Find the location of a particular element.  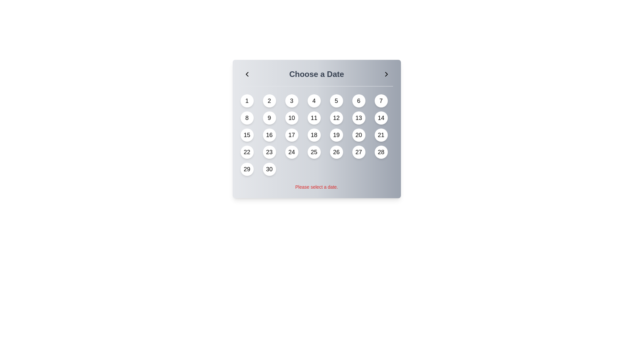

the circular button with a white background and the number '8' in bold black, located under the 'Choose a Date' heading in the calendar interface is located at coordinates (246, 117).